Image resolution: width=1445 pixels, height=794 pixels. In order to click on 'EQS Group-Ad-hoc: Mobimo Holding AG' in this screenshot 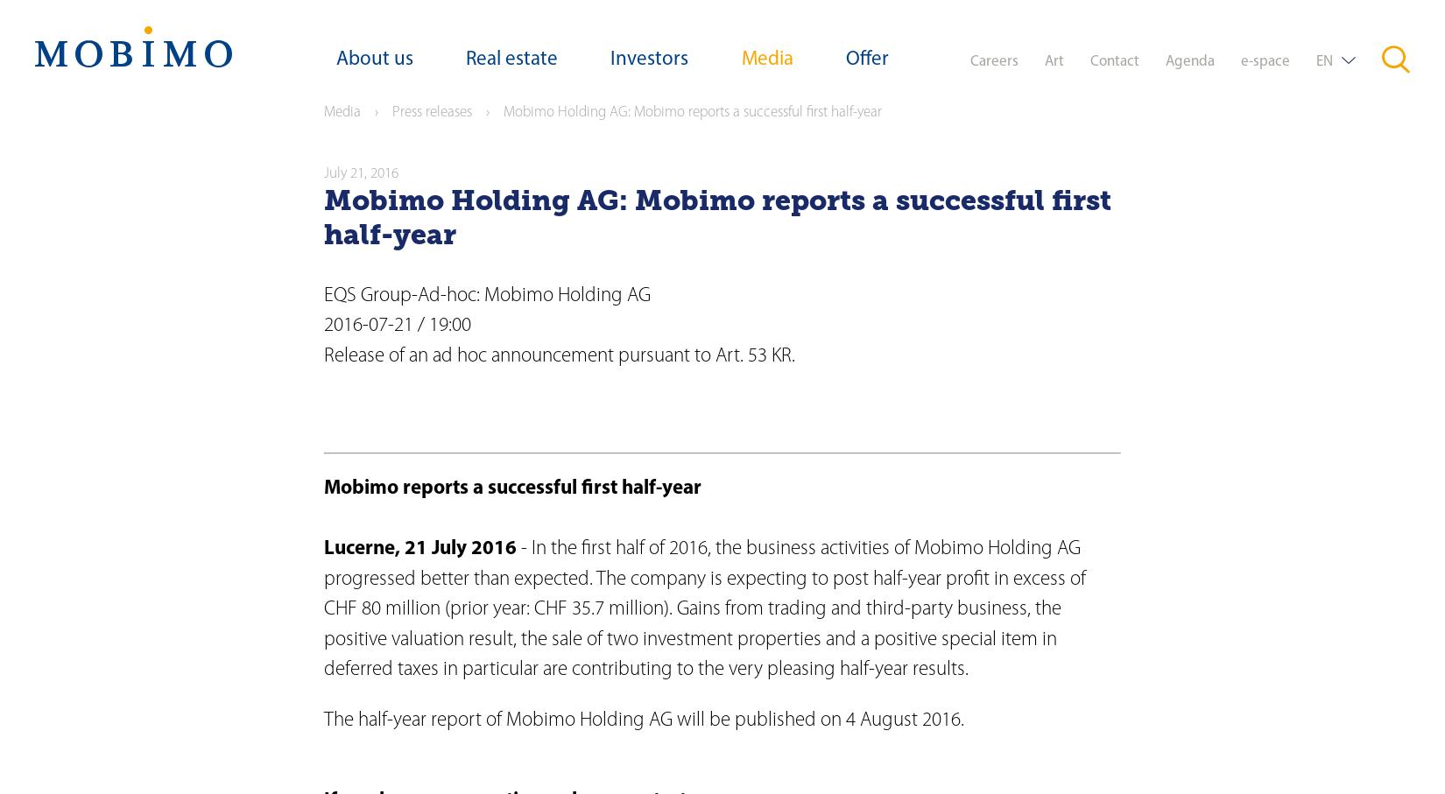, I will do `click(486, 294)`.